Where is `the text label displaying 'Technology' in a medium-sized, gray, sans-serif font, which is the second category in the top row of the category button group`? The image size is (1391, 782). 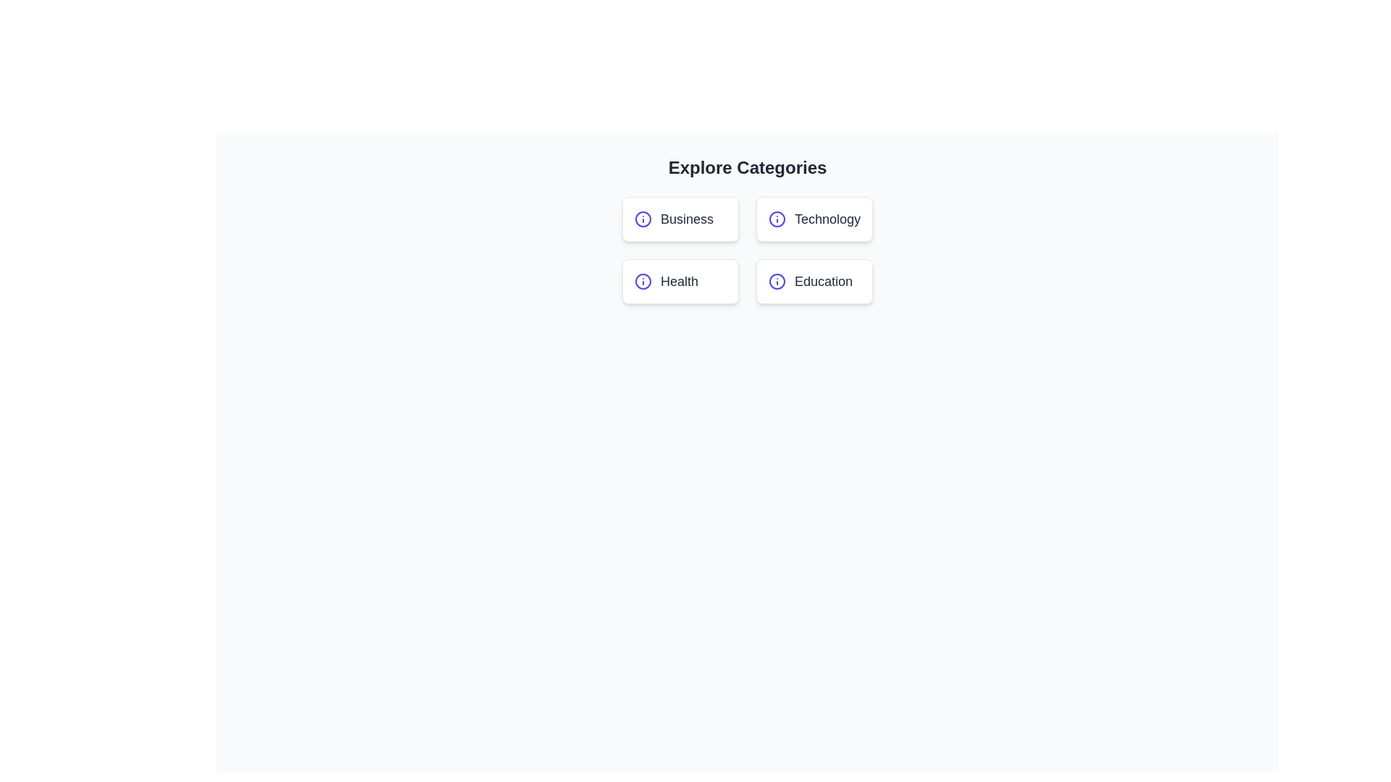 the text label displaying 'Technology' in a medium-sized, gray, sans-serif font, which is the second category in the top row of the category button group is located at coordinates (827, 219).